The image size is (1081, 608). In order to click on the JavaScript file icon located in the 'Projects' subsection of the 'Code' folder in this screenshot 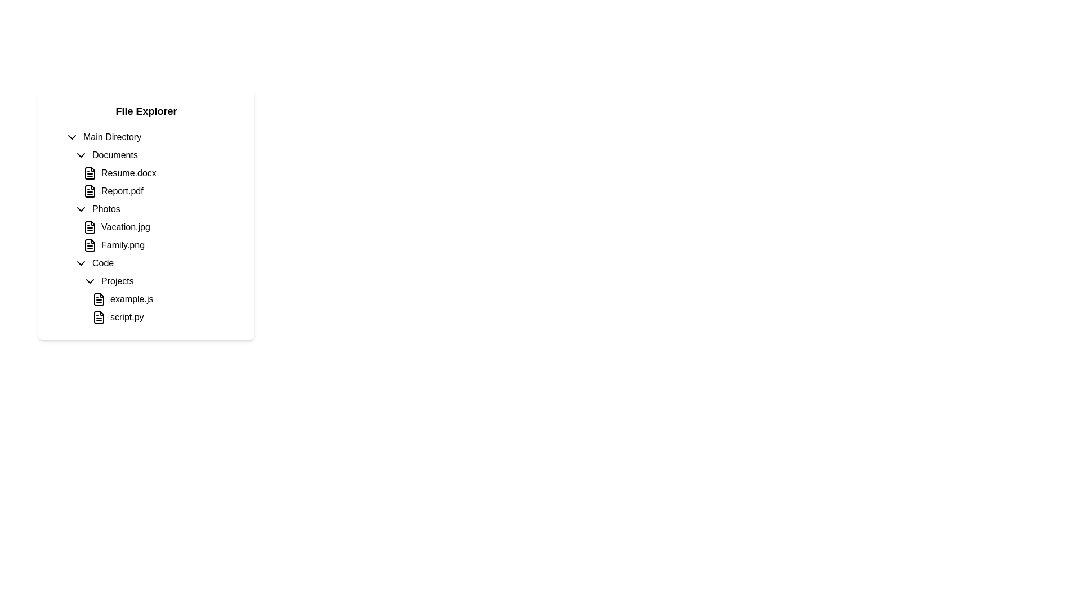, I will do `click(99, 299)`.